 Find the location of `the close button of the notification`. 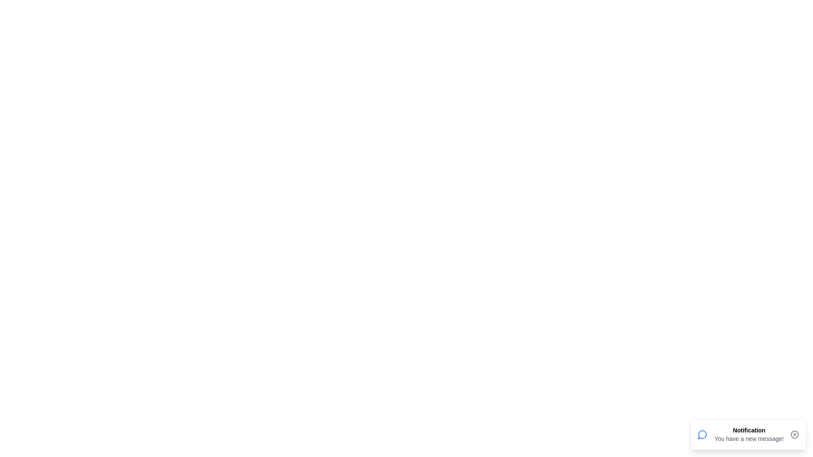

the close button of the notification is located at coordinates (794, 434).